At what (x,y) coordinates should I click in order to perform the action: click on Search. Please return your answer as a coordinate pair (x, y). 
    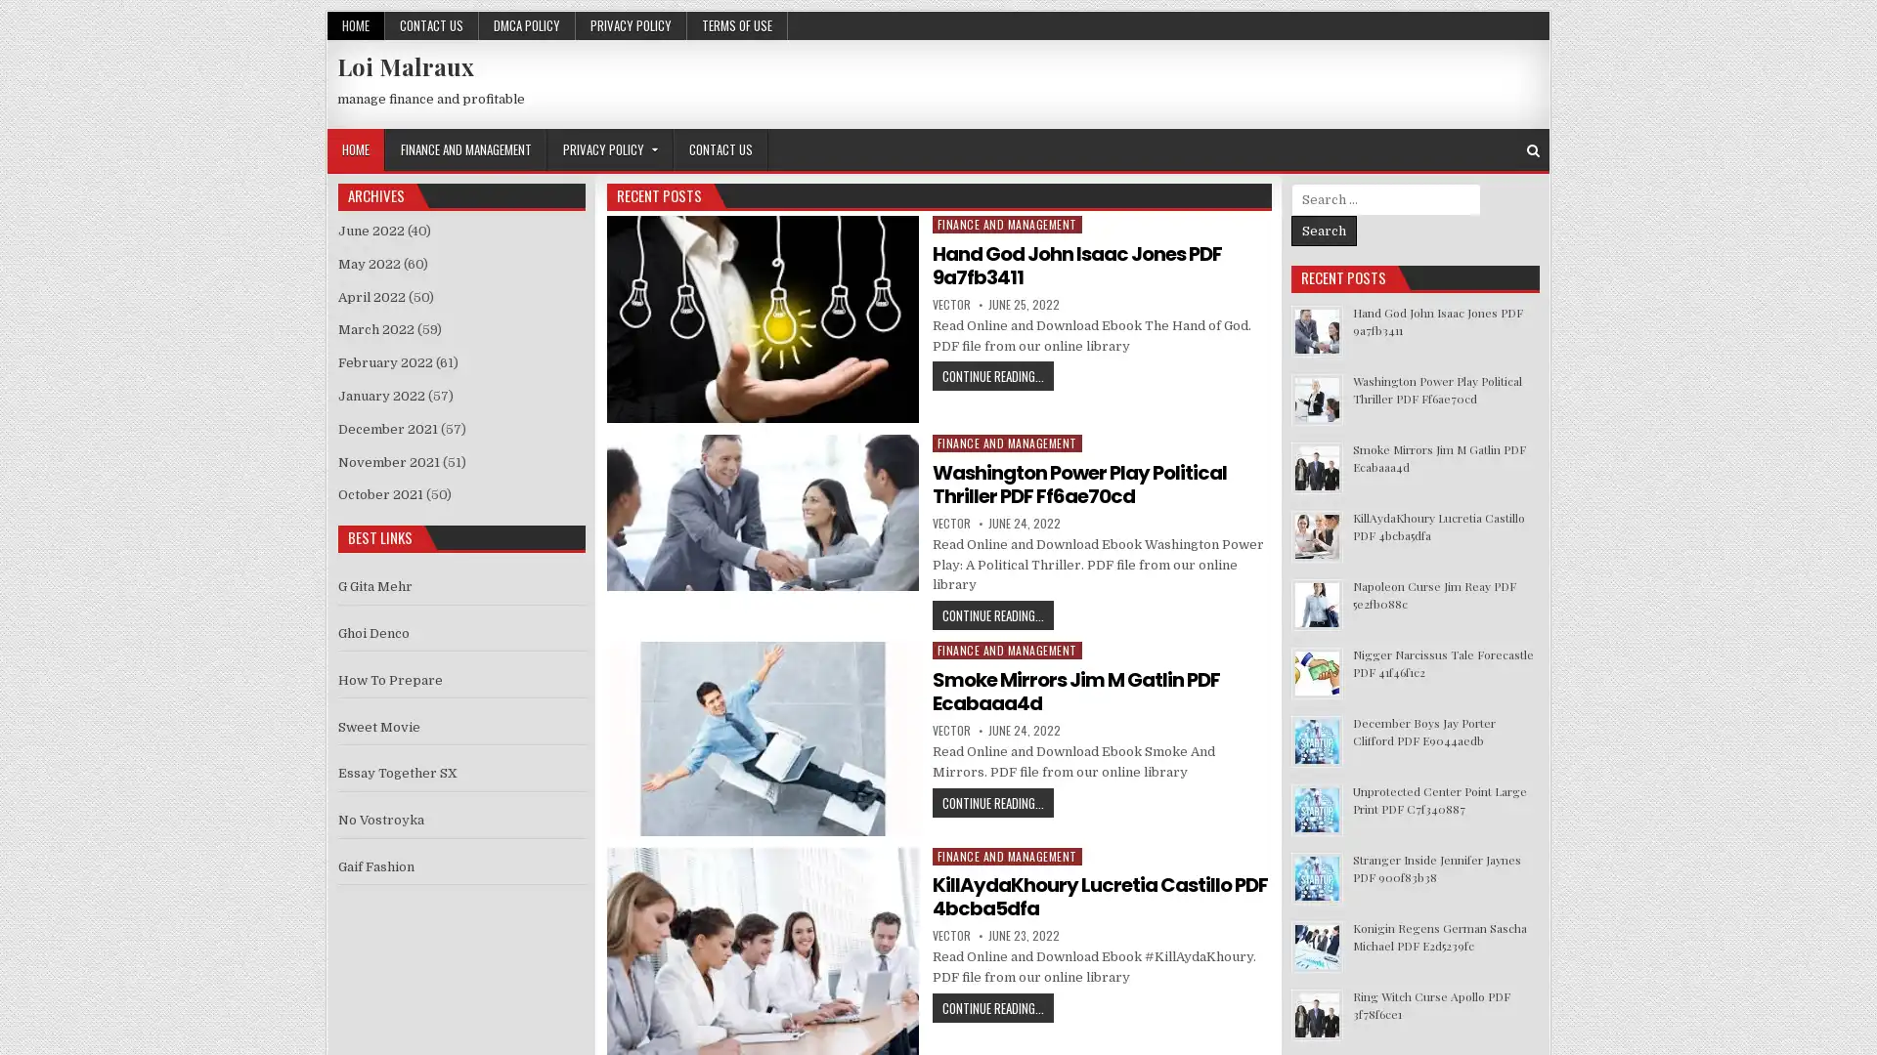
    Looking at the image, I should click on (1324, 230).